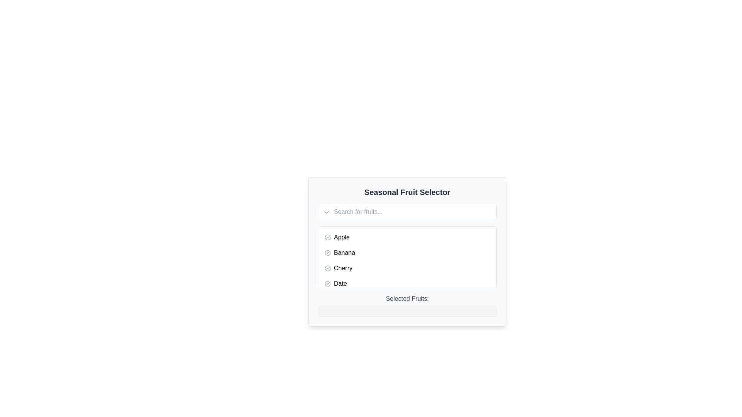 The height and width of the screenshot is (417, 742). I want to click on to select the 'Apple' option from the Seasonal Fruit Selector list item, which is the first item in the list and changes background color on hover, so click(407, 237).